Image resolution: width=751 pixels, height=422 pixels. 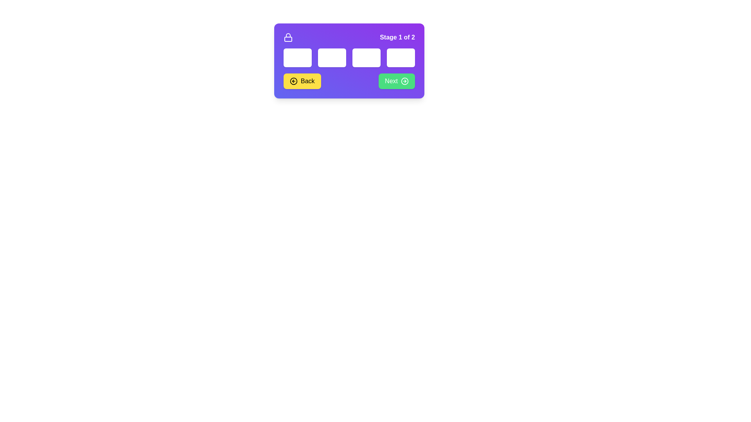 What do you see at coordinates (302, 81) in the screenshot?
I see `the 'Back' button with yellow background and black text via keyboard navigation for accessibility` at bounding box center [302, 81].